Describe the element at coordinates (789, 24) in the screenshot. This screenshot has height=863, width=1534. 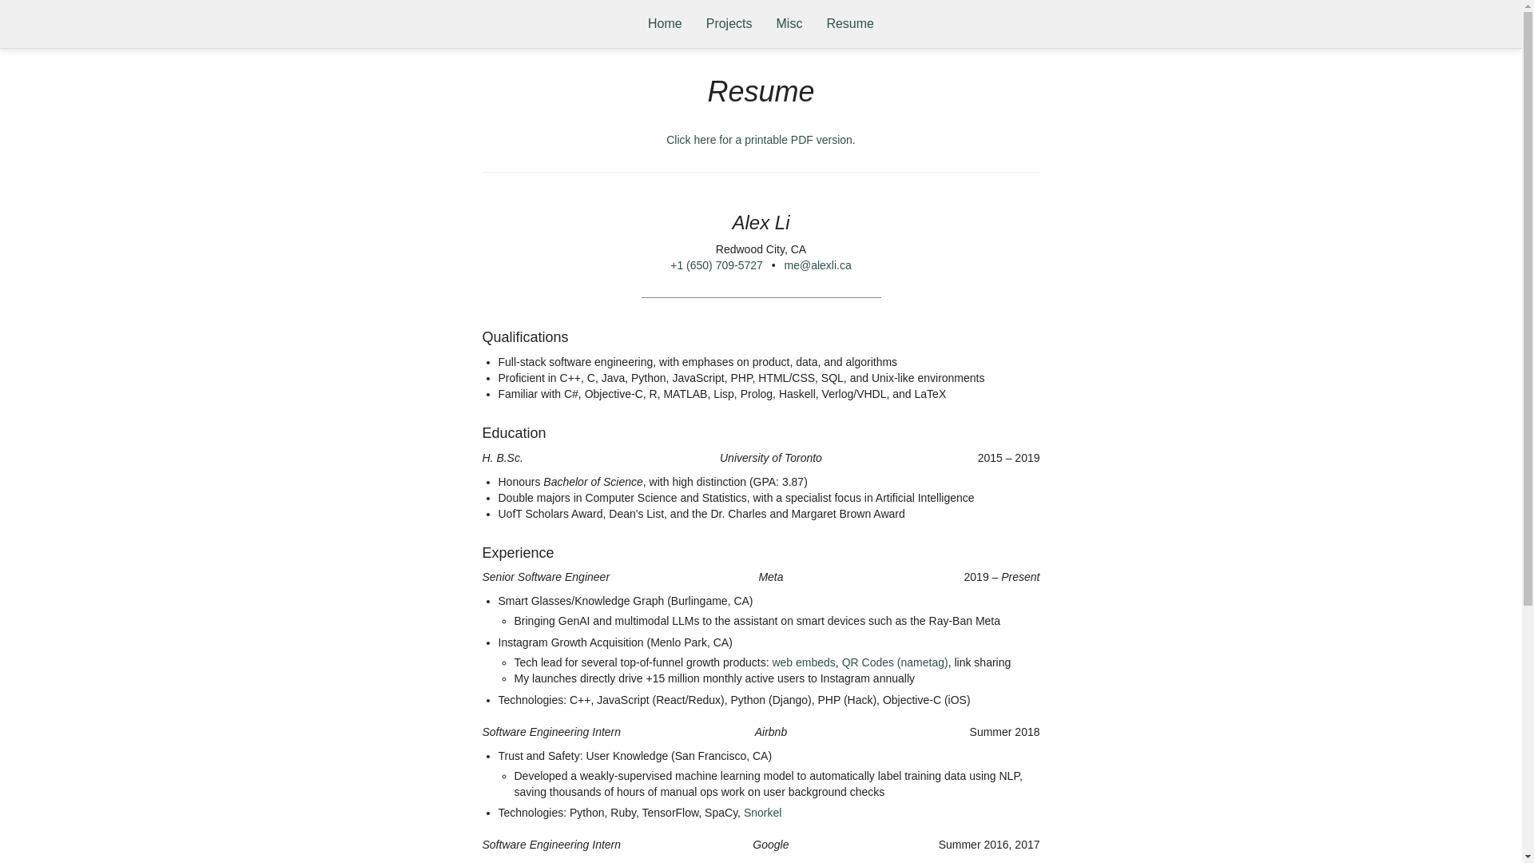
I see `'Misc'` at that location.